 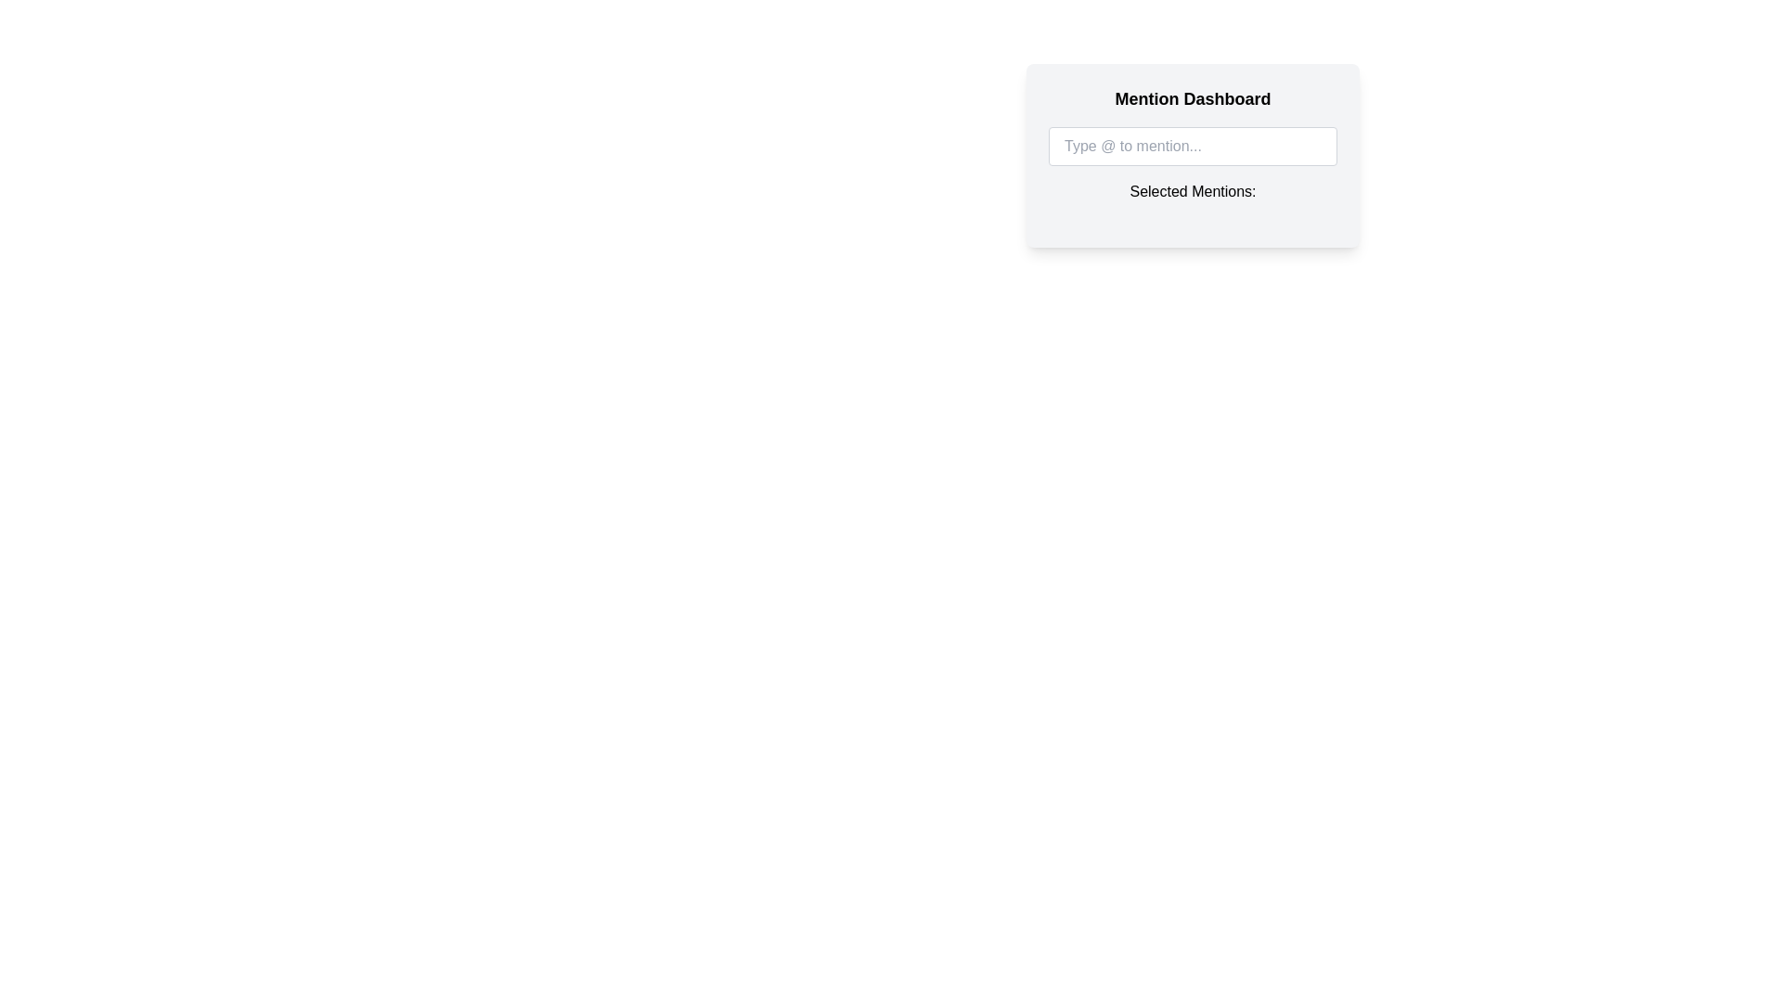 I want to click on the static text label displaying 'Mention Dashboard', which is styled with a bold font and located at the top of a light gray panel, so click(x=1193, y=99).